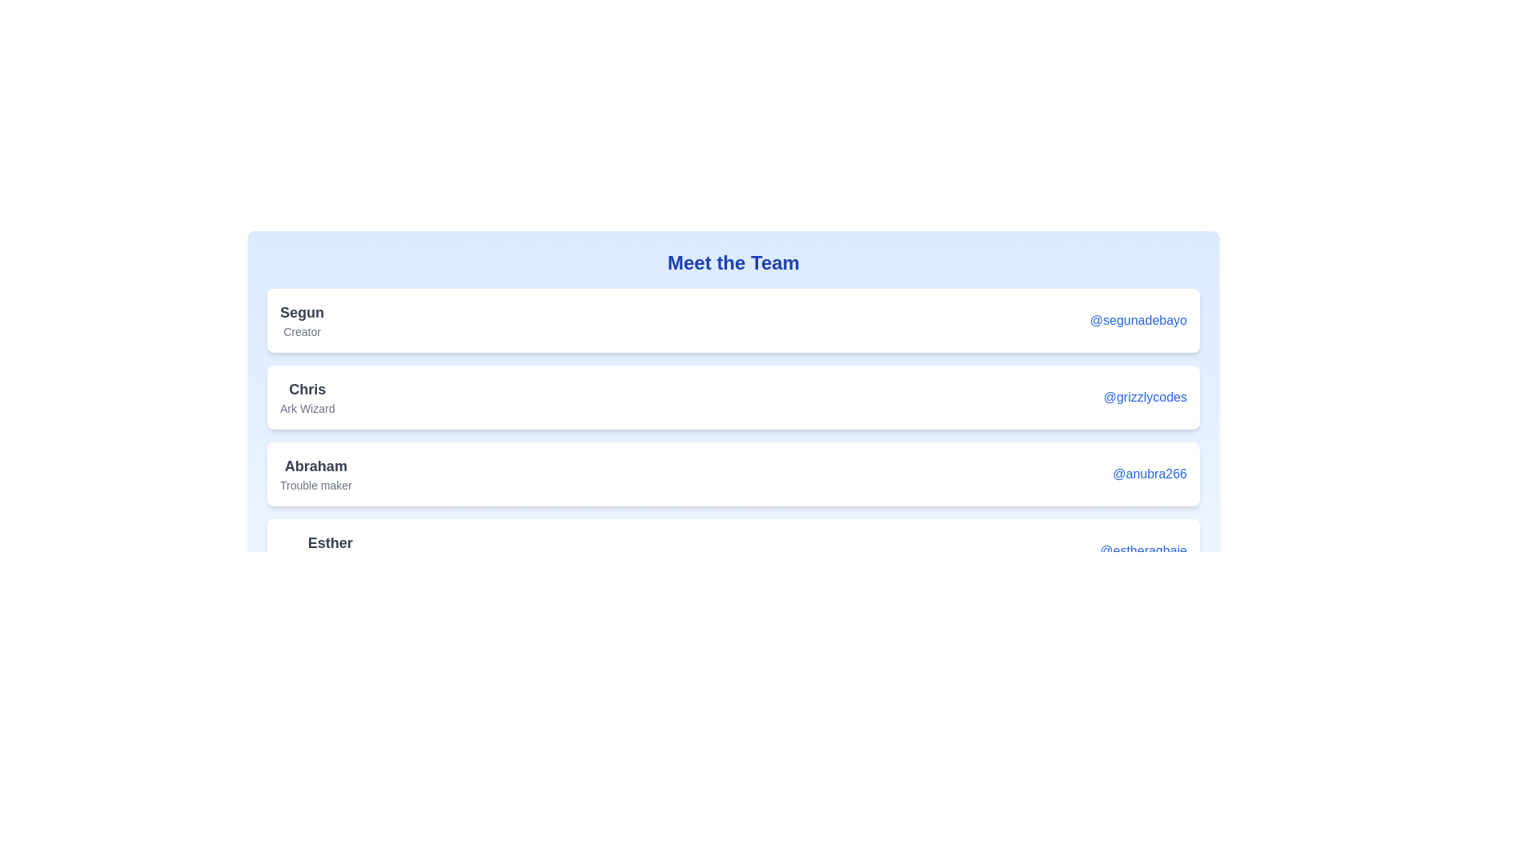 The height and width of the screenshot is (864, 1537). I want to click on textual label displaying the name and brief description of the individual, which is the leftmost content in a white card at the middle of the interface, so click(315, 474).